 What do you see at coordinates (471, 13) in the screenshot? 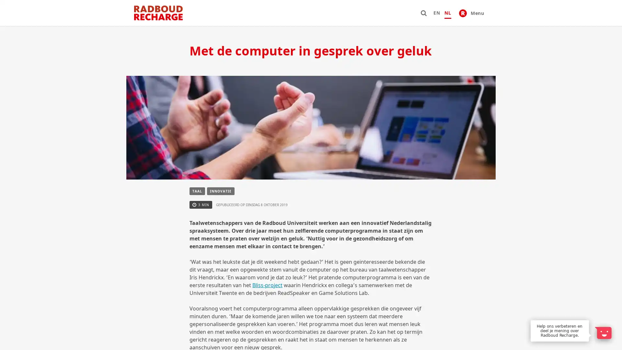
I see `Menu` at bounding box center [471, 13].